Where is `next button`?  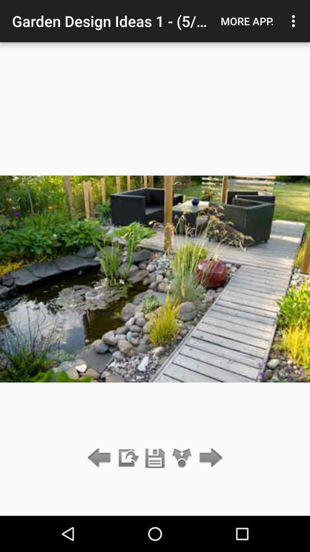
next button is located at coordinates (209, 458).